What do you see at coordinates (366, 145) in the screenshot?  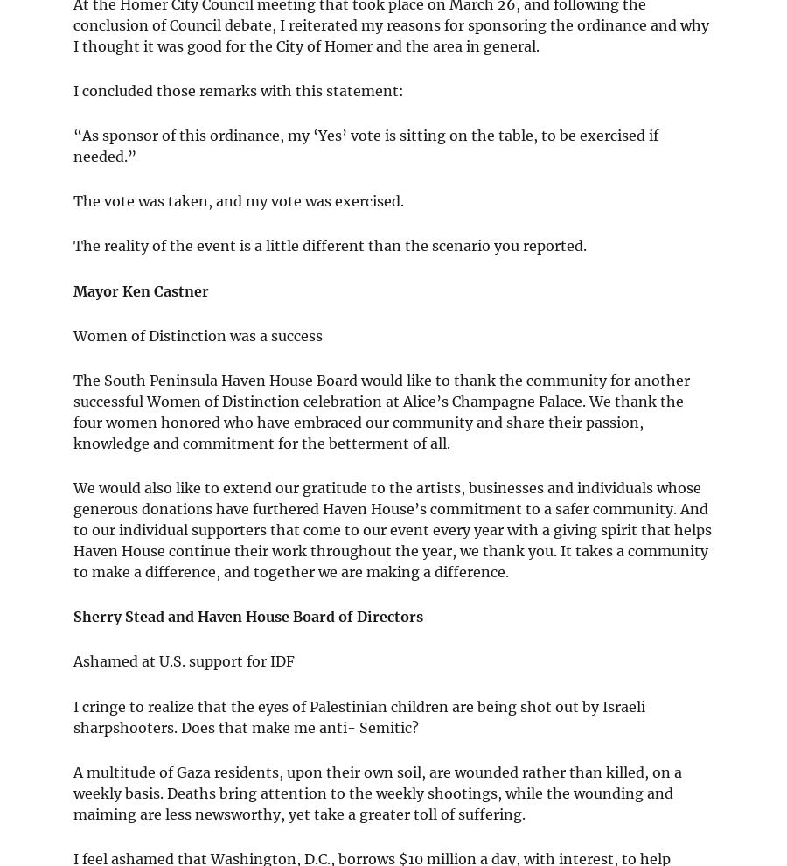 I see `'“As sponsor of this ordinance, my ‘Yes’ vote is sitting on the table, to be exercised if needed.”'` at bounding box center [366, 145].